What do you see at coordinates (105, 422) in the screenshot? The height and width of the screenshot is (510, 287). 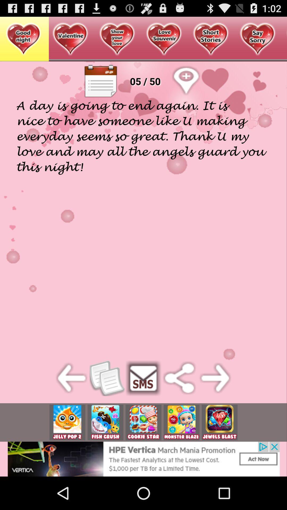 I see `button between the jelly pop2 and cookie star` at bounding box center [105, 422].